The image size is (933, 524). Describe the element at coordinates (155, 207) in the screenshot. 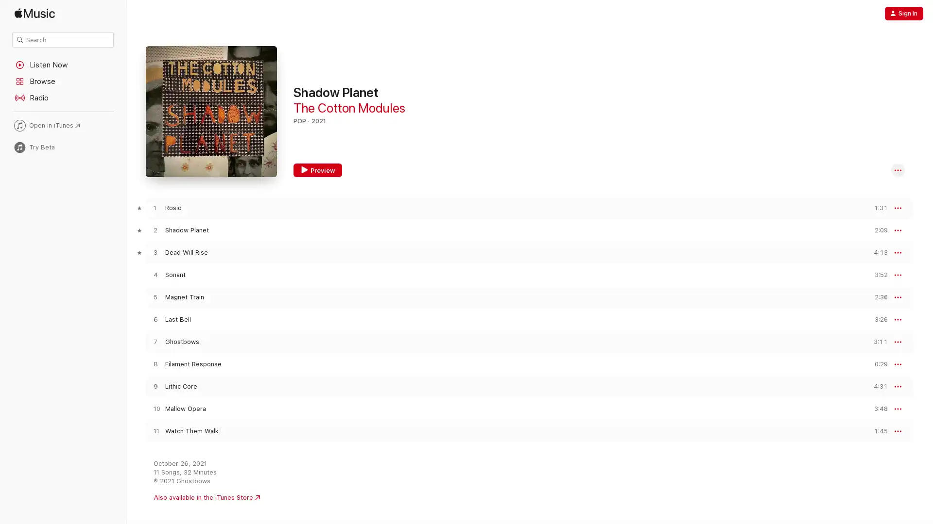

I see `Play` at that location.